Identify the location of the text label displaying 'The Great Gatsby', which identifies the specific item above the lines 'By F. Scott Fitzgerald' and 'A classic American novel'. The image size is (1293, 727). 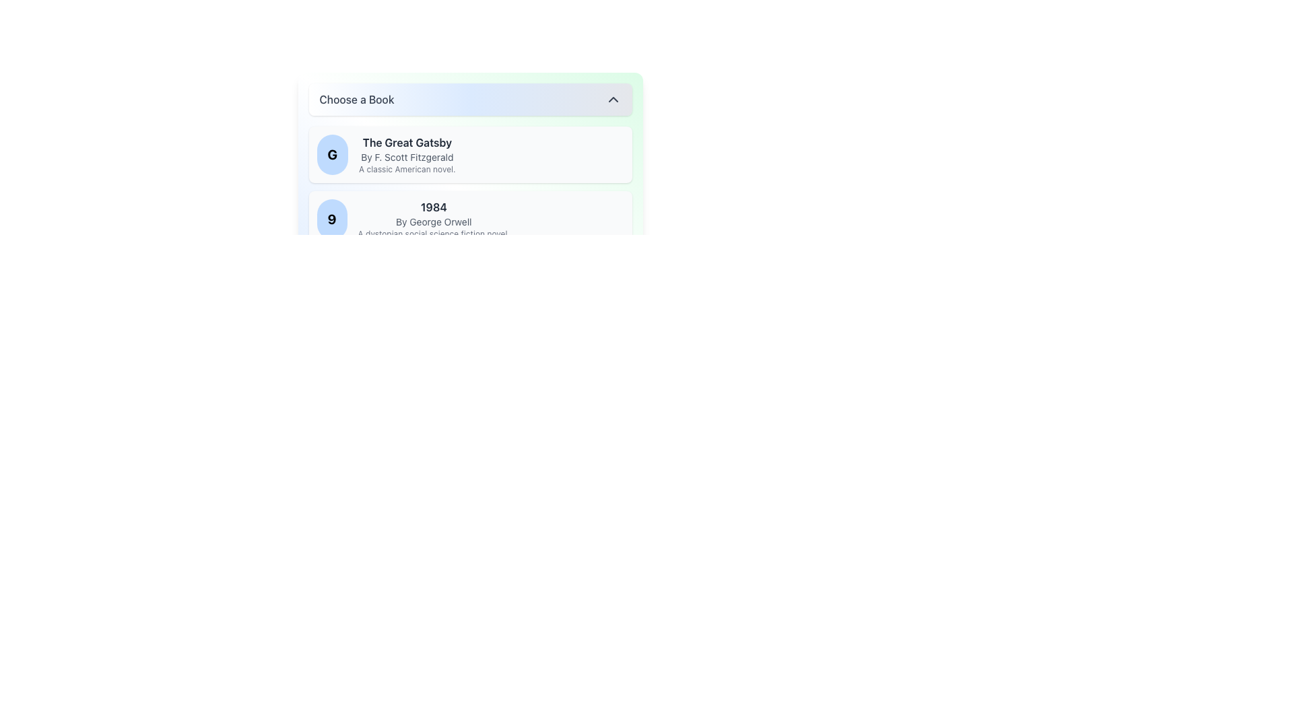
(406, 143).